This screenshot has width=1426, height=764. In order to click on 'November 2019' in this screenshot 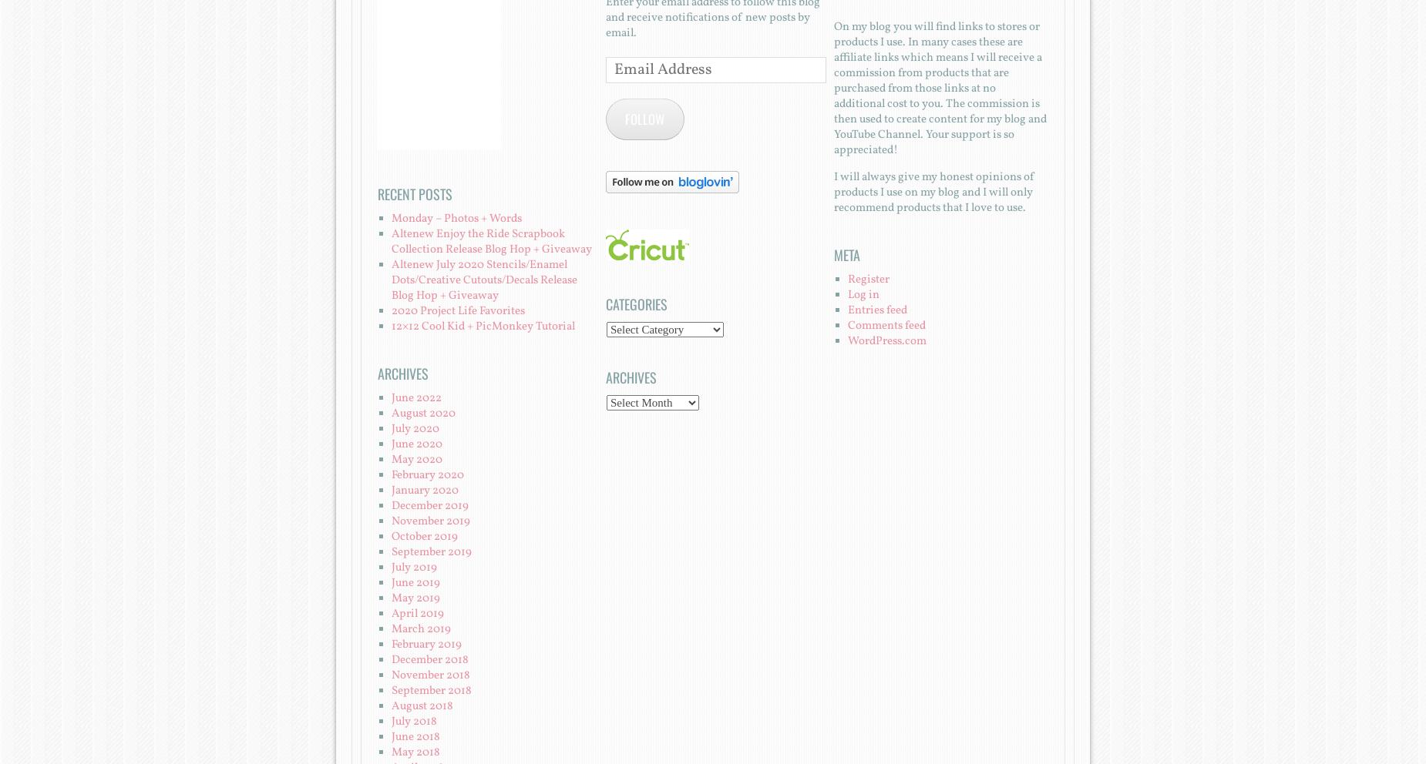, I will do `click(431, 520)`.